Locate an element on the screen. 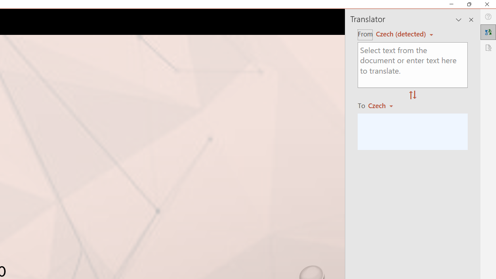 The height and width of the screenshot is (279, 496). 'Czech' is located at coordinates (384, 105).